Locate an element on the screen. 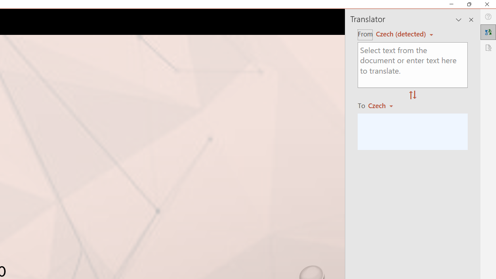 The height and width of the screenshot is (279, 496). 'Czech' is located at coordinates (384, 105).